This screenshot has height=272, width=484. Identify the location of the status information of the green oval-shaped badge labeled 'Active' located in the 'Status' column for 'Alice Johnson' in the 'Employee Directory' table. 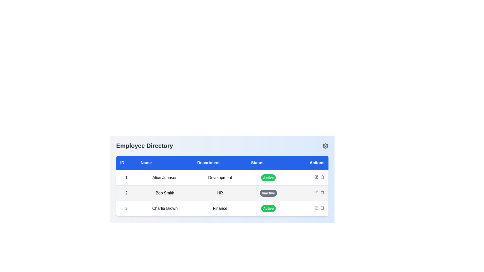
(268, 177).